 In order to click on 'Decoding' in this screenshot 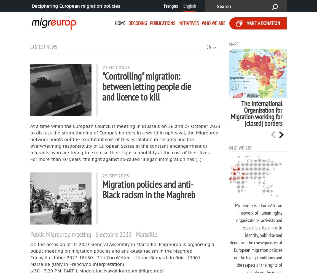, I will do `click(137, 23)`.